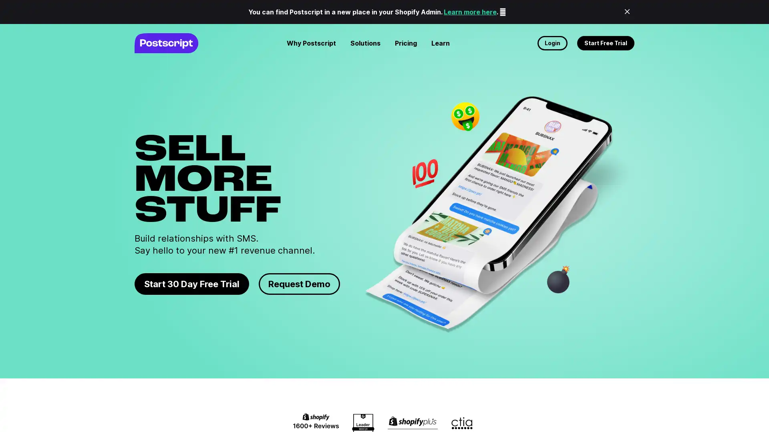 The width and height of the screenshot is (769, 432). I want to click on Login, so click(552, 43).